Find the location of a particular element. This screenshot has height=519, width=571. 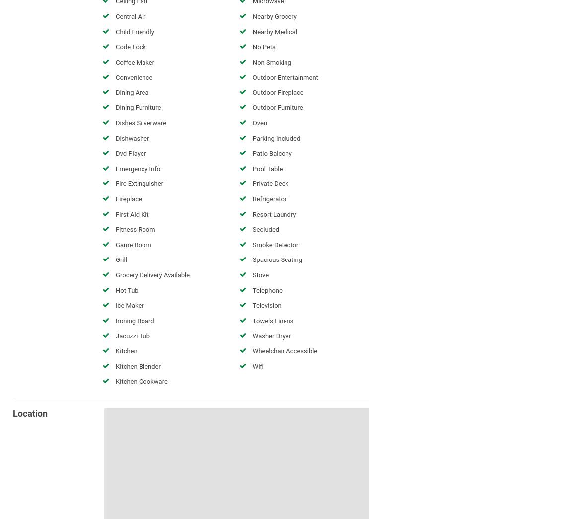

'Private Deck' is located at coordinates (270, 183).